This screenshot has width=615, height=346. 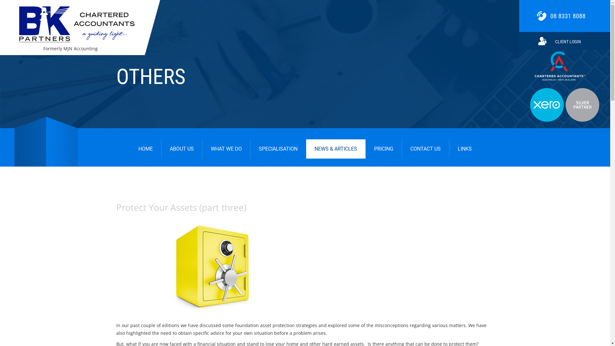 I want to click on 'HOME', so click(x=130, y=149).